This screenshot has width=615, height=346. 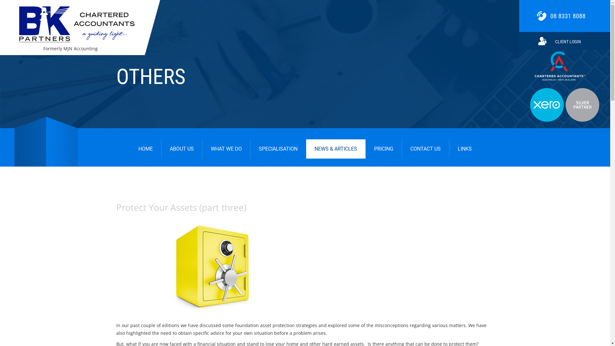 I want to click on 'HOME', so click(x=130, y=149).